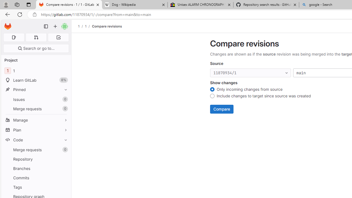 The width and height of the screenshot is (352, 198). Describe the element at coordinates (212, 90) in the screenshot. I see `'Only incoming changes from source'` at that location.